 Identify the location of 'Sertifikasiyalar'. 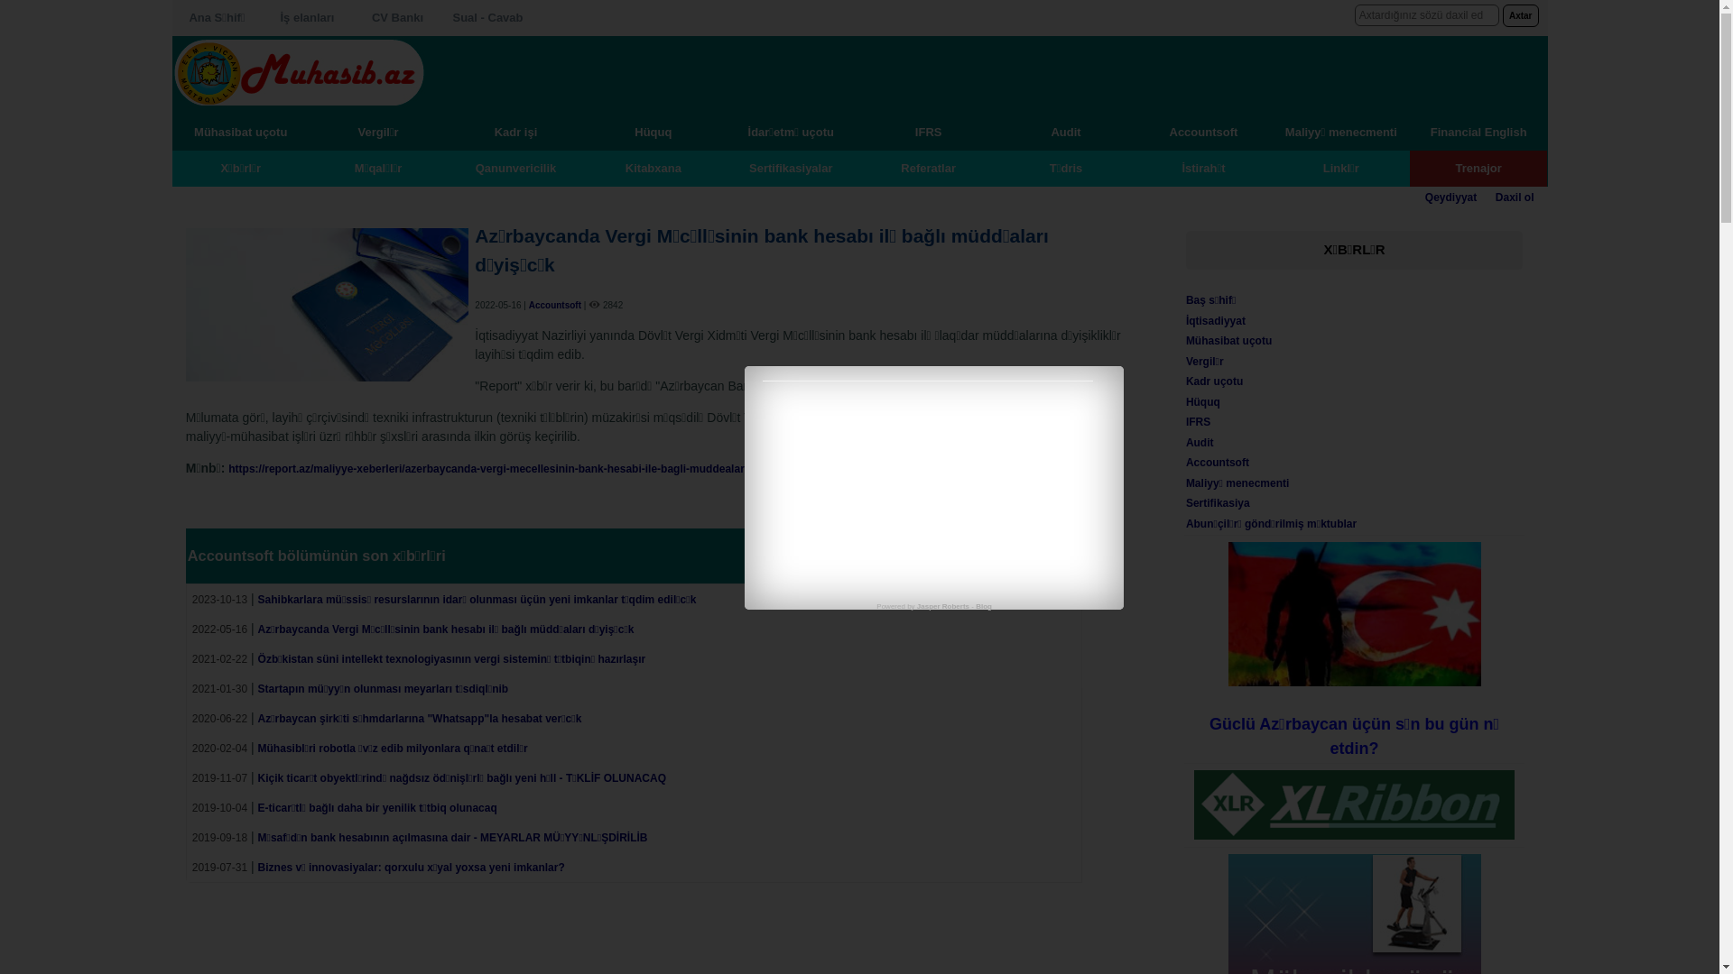
(791, 167).